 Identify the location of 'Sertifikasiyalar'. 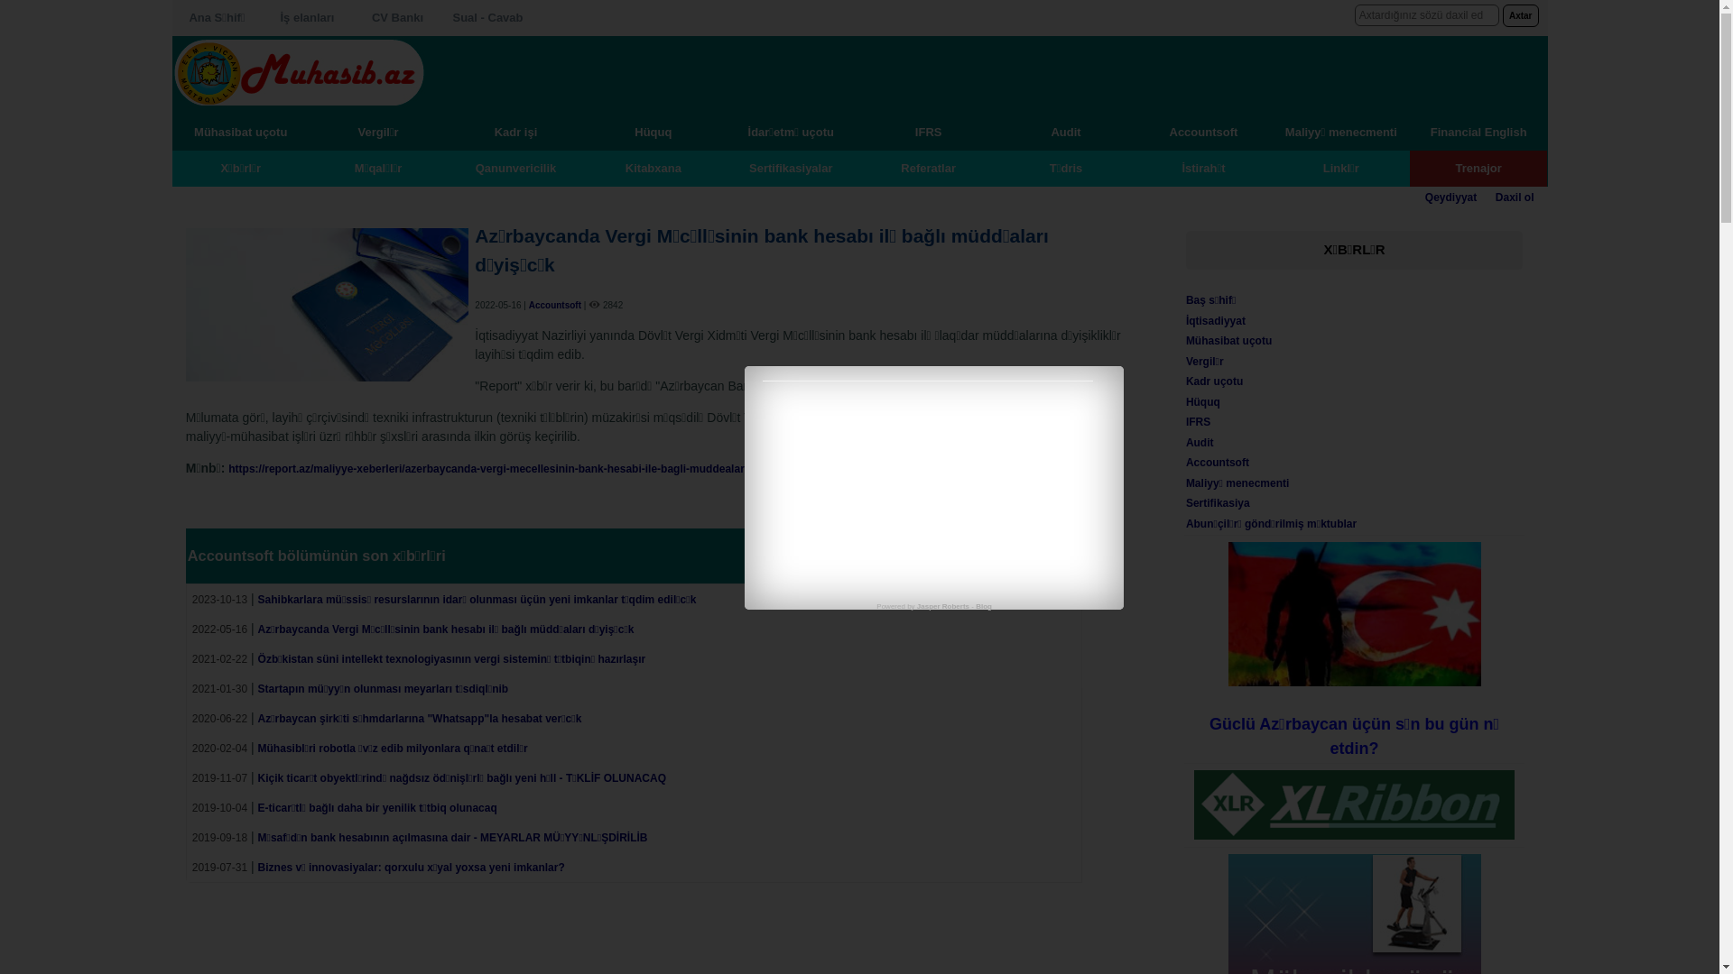
(791, 167).